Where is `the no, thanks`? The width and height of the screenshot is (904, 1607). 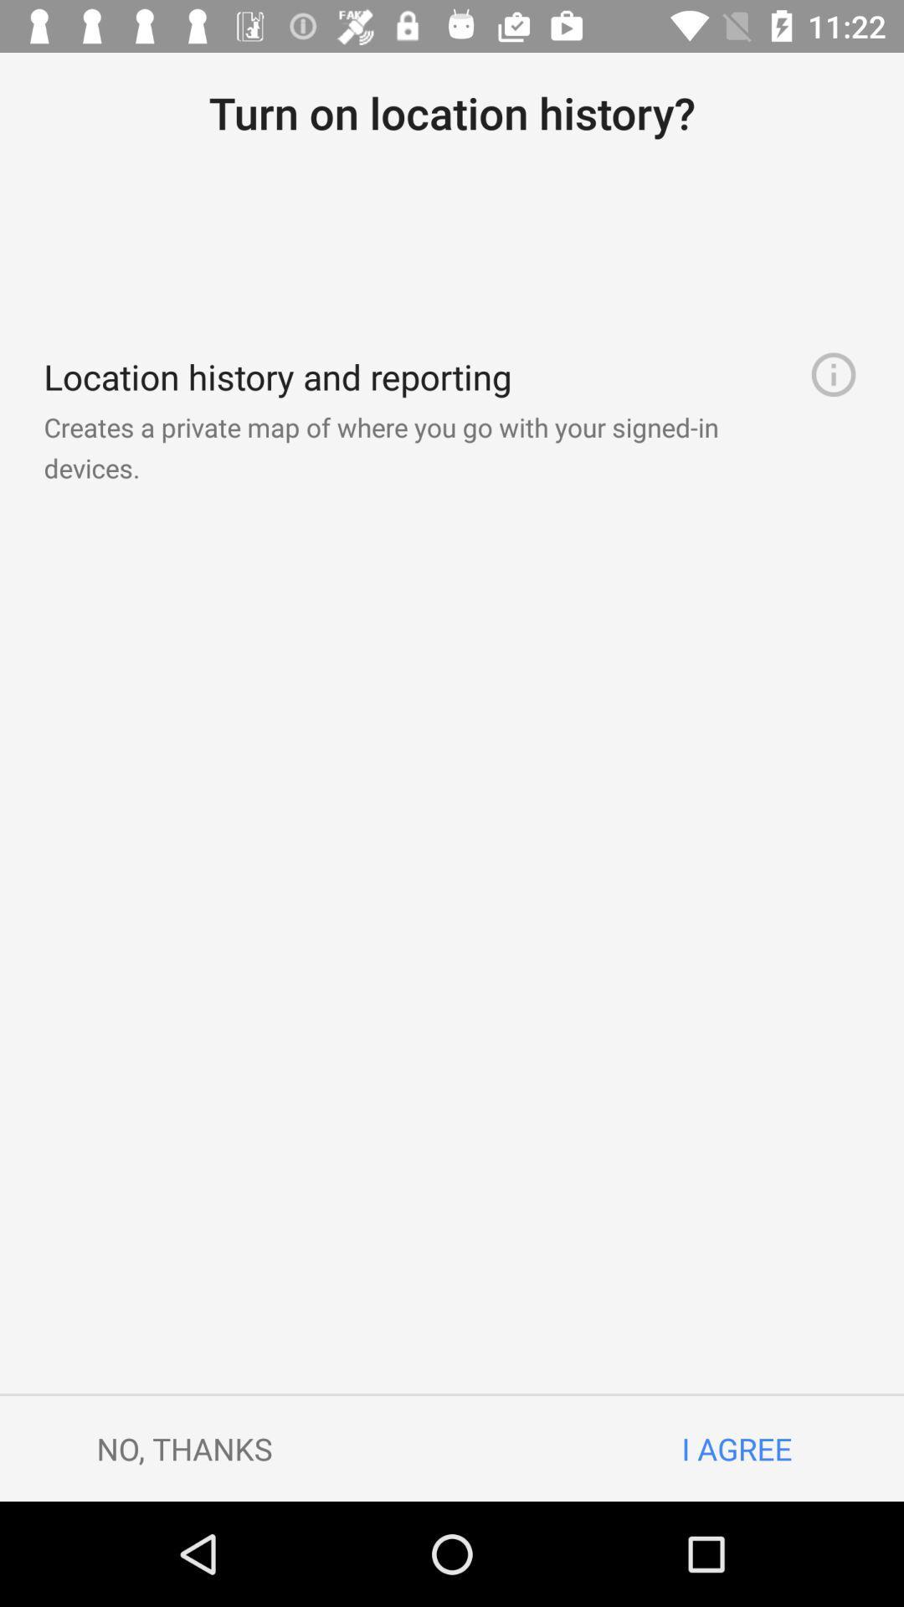
the no, thanks is located at coordinates (184, 1448).